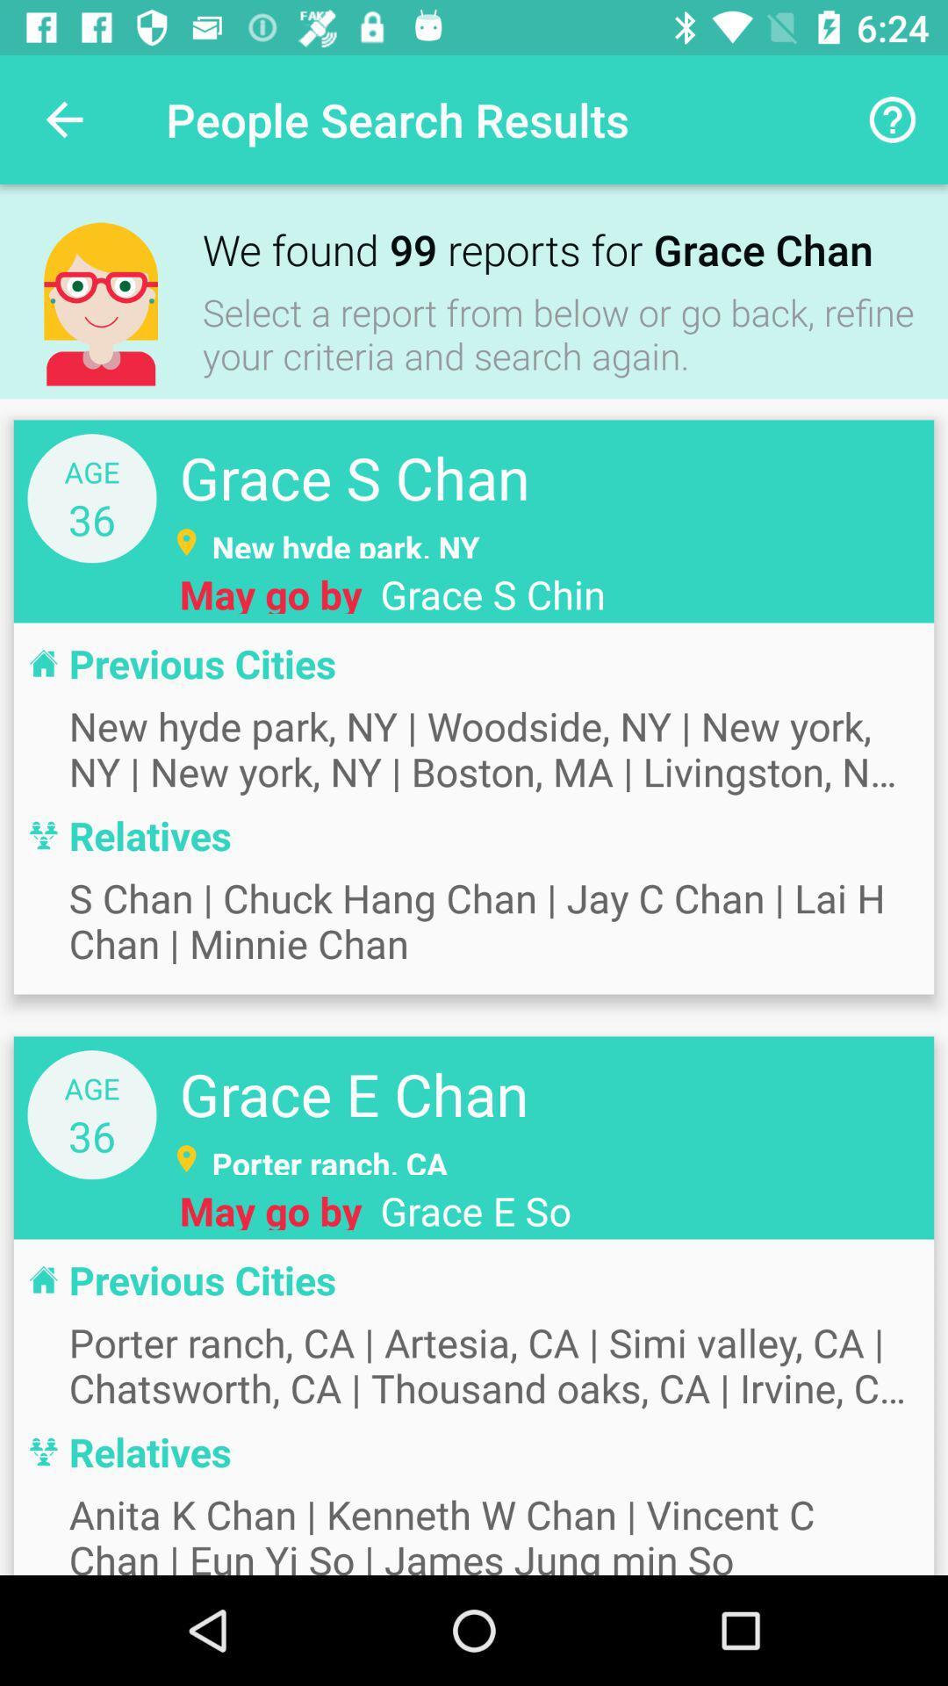  I want to click on icon to the left of the people search results icon, so click(63, 119).